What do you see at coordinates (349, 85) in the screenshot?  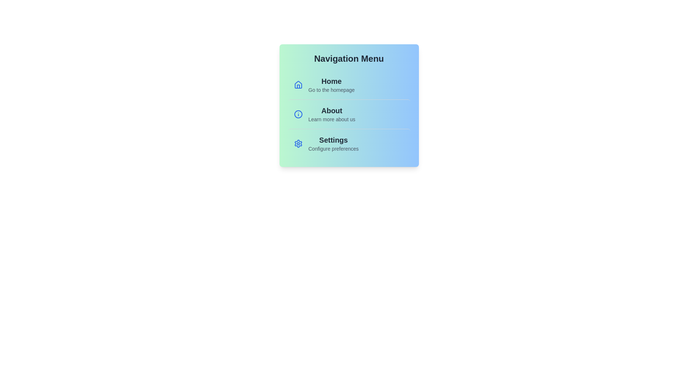 I see `the menu item labeled Home to navigate to its corresponding page` at bounding box center [349, 85].